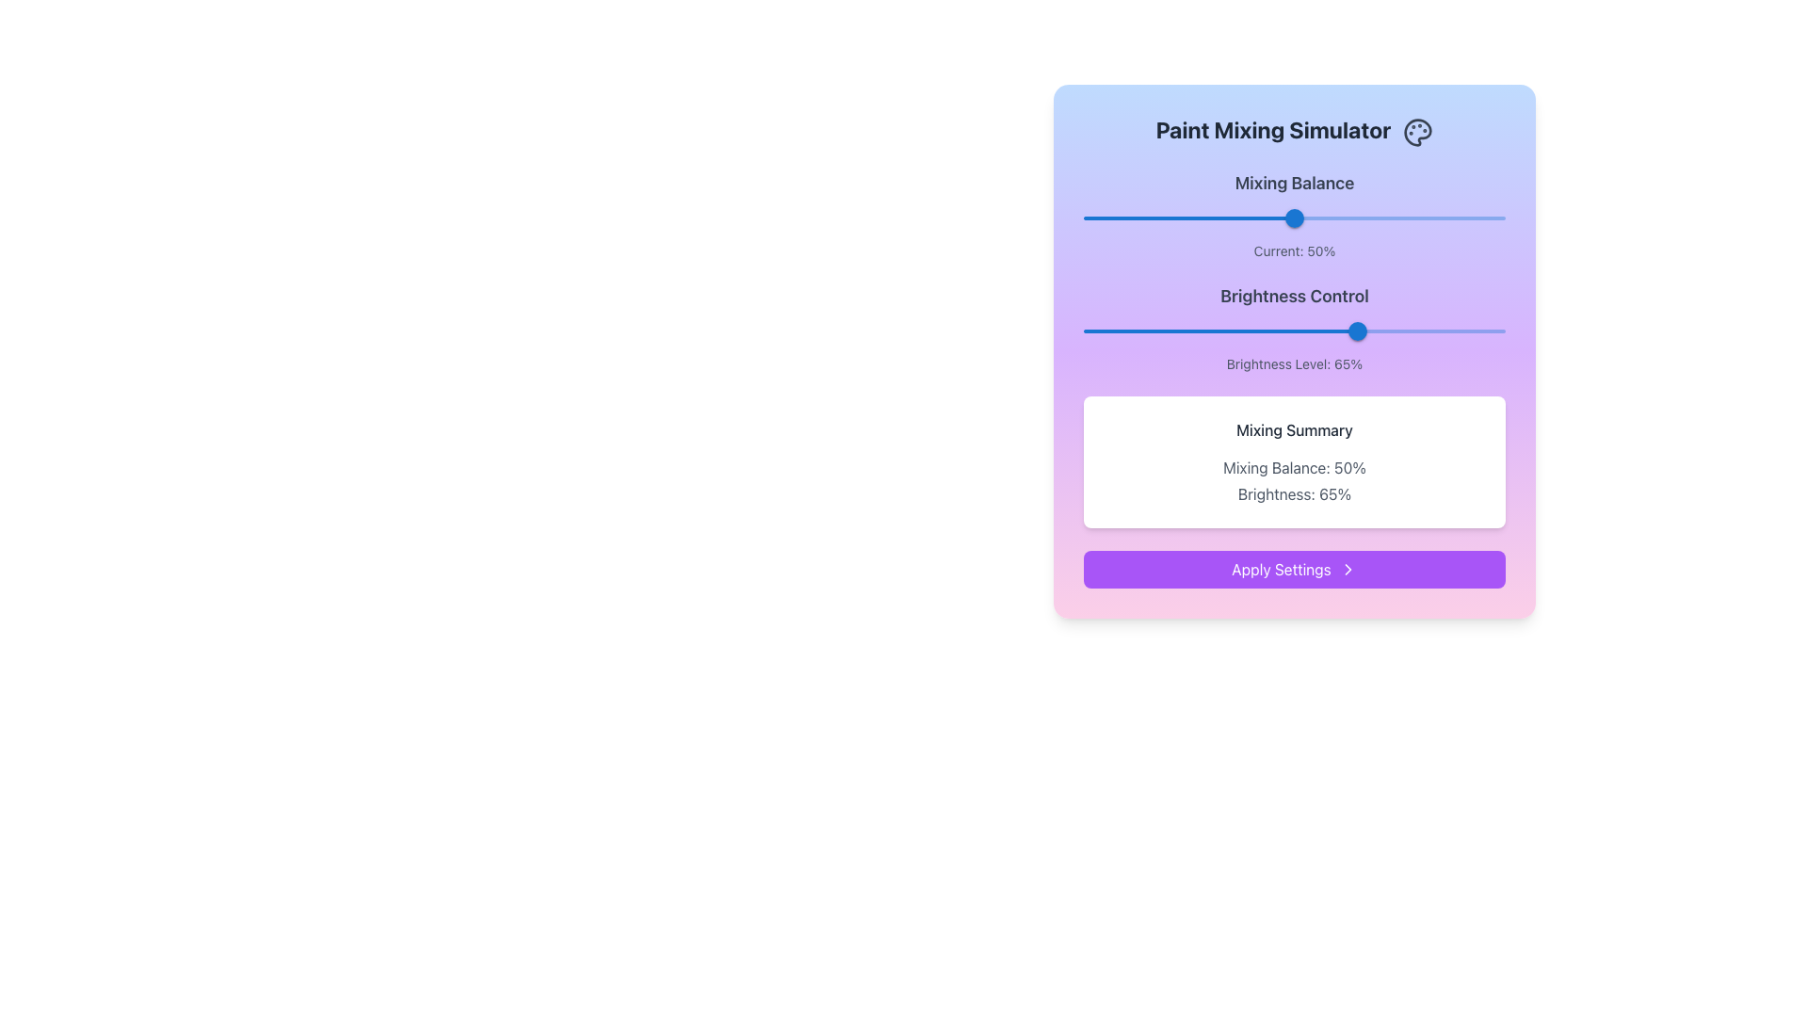  What do you see at coordinates (1260, 330) in the screenshot?
I see `the Brightness Control slider` at bounding box center [1260, 330].